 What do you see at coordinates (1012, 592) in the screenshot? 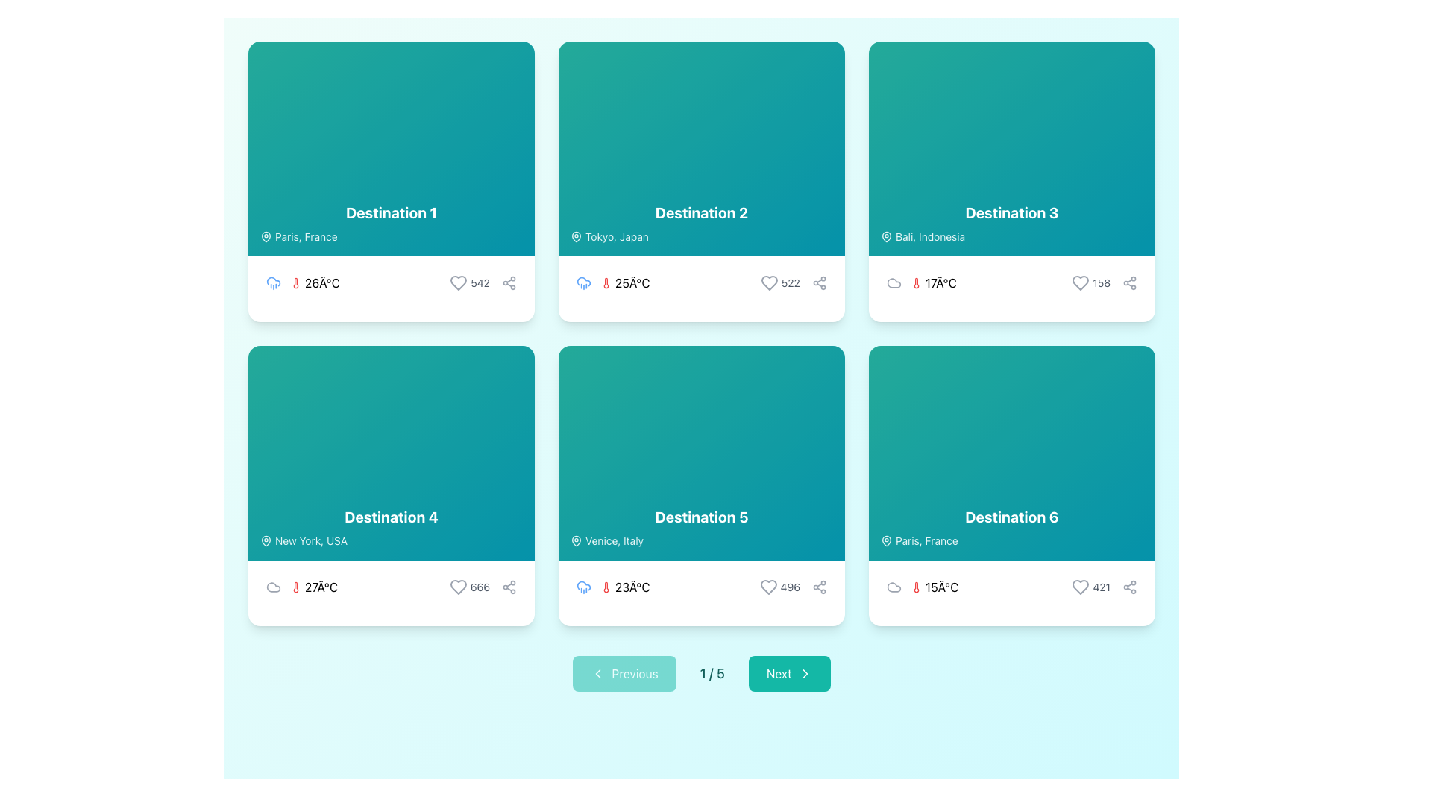
I see `the icons in the information display that shows '15°C' and '421' located at the bottom of the card labeled 'Destination 6'` at bounding box center [1012, 592].